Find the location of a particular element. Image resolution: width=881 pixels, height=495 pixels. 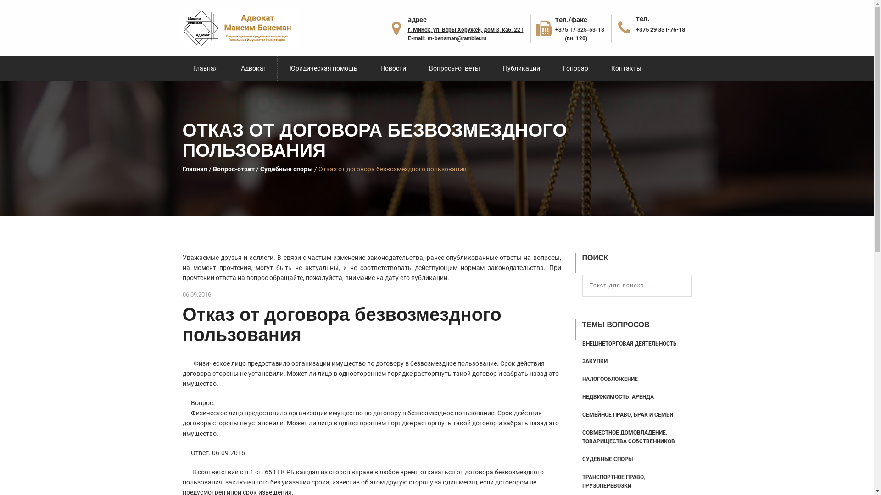

'm' is located at coordinates (429, 38).